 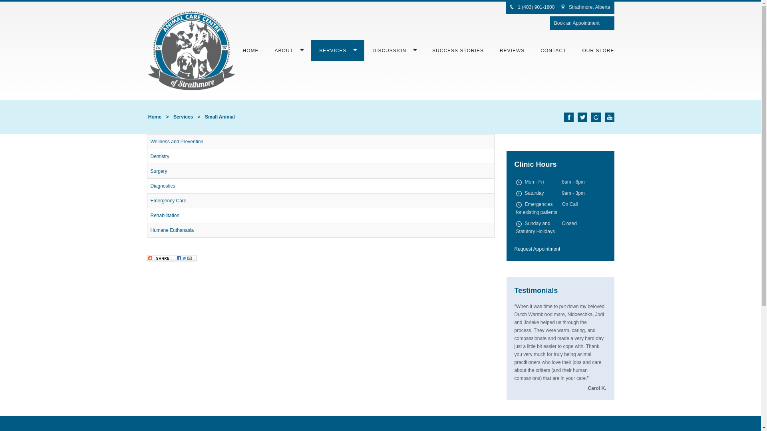 I want to click on 'SUCCESS STORIES', so click(x=458, y=51).